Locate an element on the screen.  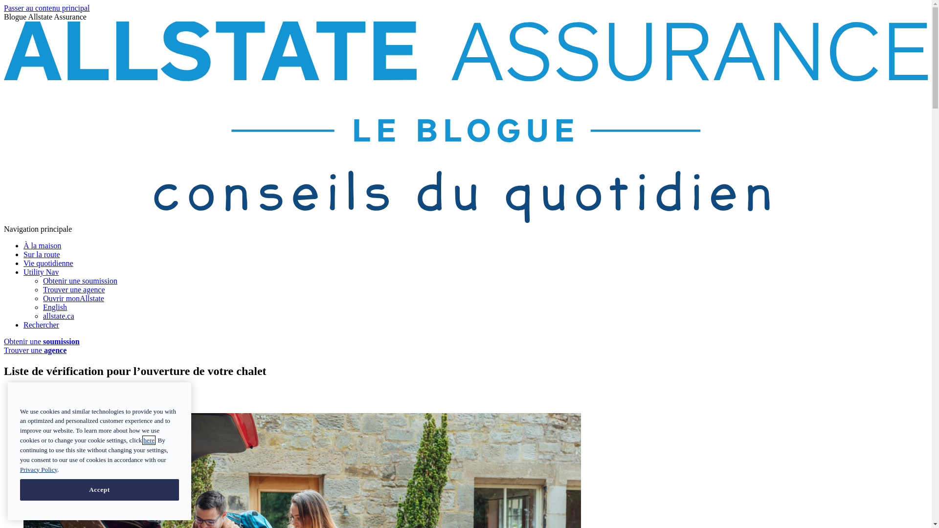
'Accept' is located at coordinates (99, 490).